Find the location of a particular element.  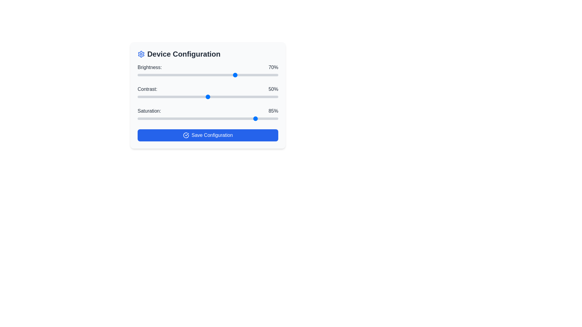

the sliders in the Panel with interactive controls to change values is located at coordinates (208, 95).